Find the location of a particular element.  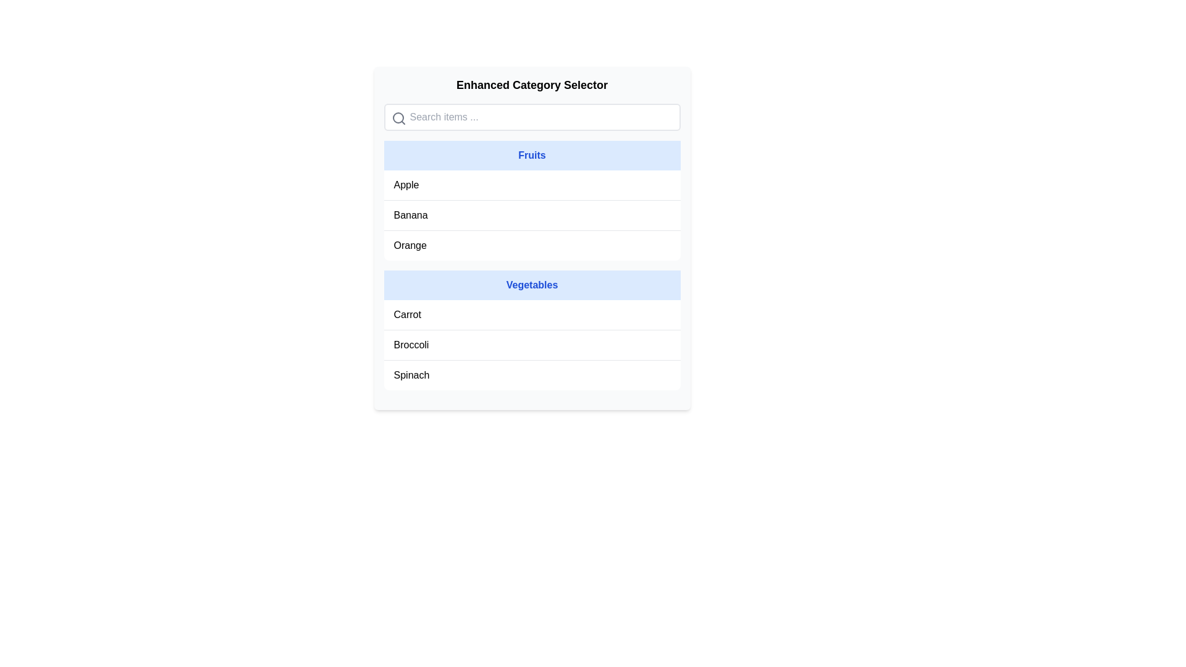

the SVG circle element of the magnifying glass icon located in the top-left corner of the search bar is located at coordinates (398, 118).